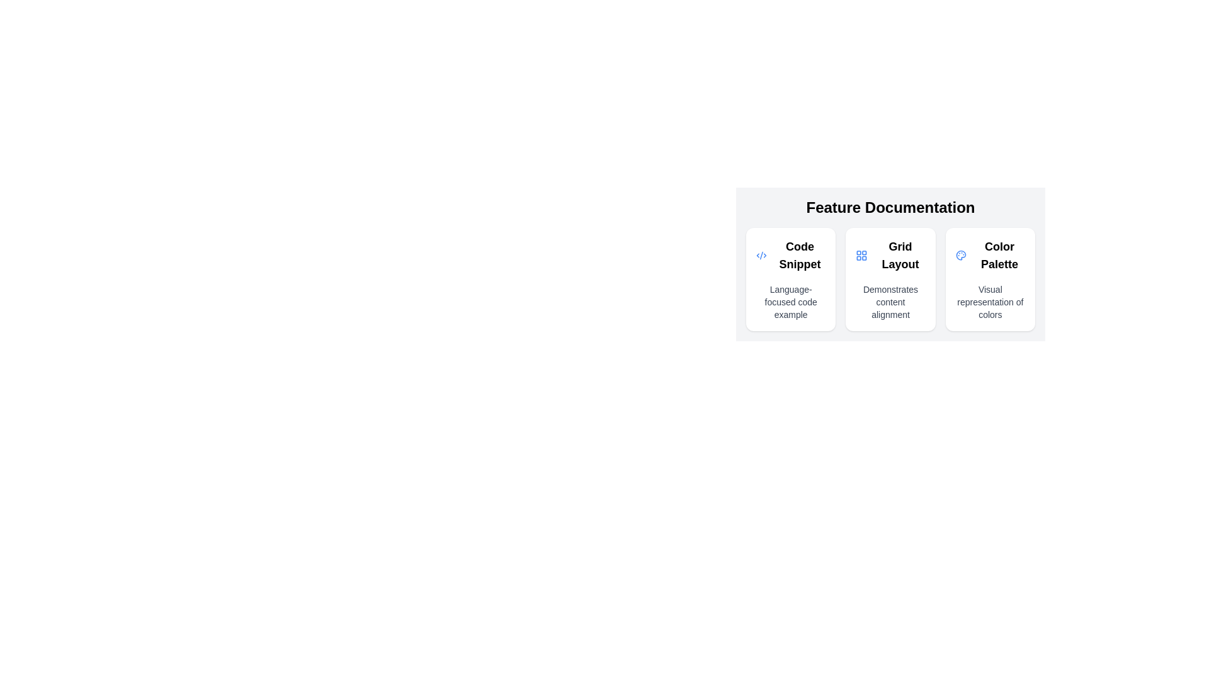 This screenshot has height=680, width=1209. What do you see at coordinates (861, 255) in the screenshot?
I see `the grid icon located to the left of the 'Grid Layout' text label` at bounding box center [861, 255].